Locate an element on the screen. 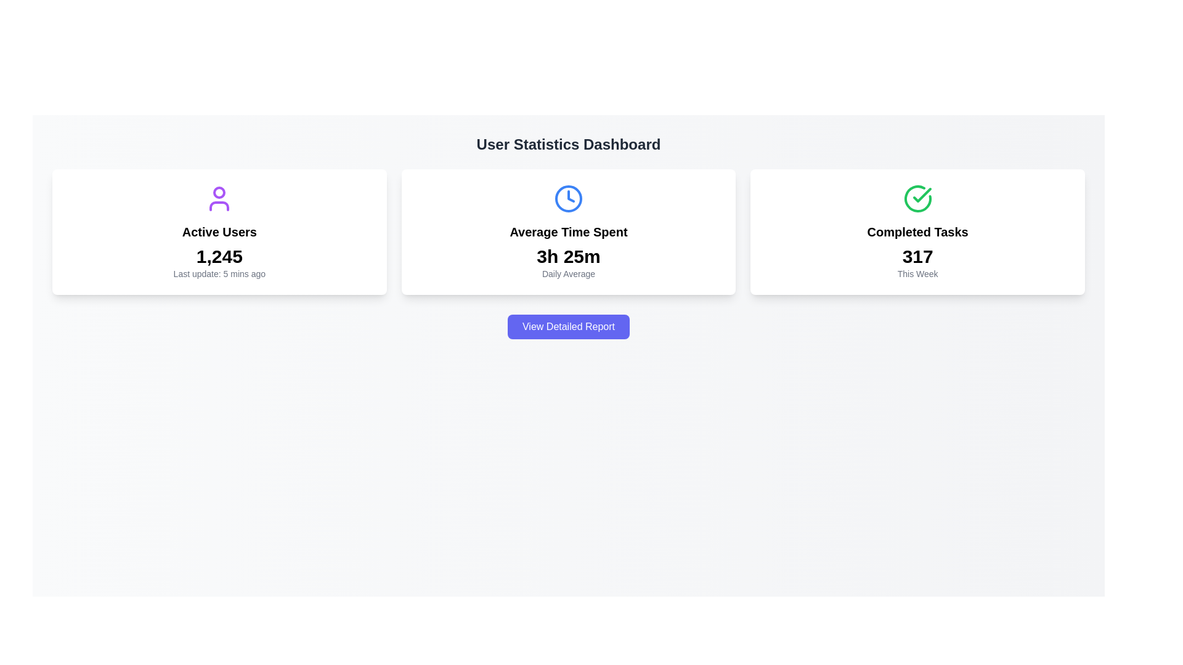 This screenshot has height=665, width=1183. the text label displaying 'This Week', which is styled in a small, gray font and located directly beneath the number '317' on the card interface is located at coordinates (917, 273).